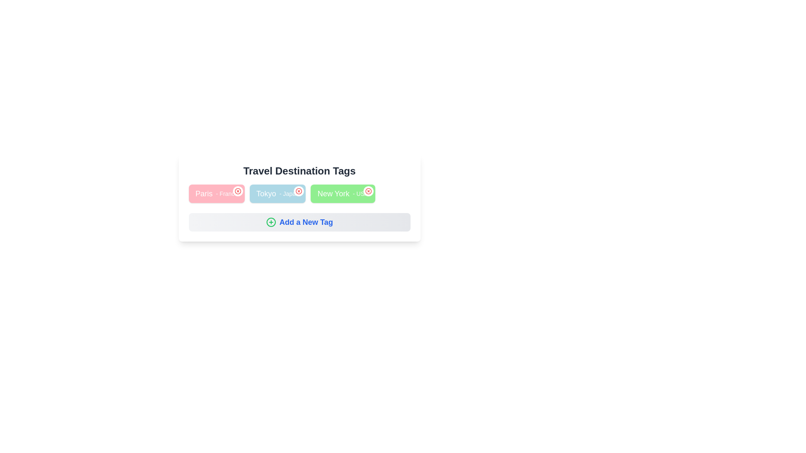 This screenshot has height=453, width=806. I want to click on the close button of the tag labeled Tokyo- Japan, so click(299, 191).